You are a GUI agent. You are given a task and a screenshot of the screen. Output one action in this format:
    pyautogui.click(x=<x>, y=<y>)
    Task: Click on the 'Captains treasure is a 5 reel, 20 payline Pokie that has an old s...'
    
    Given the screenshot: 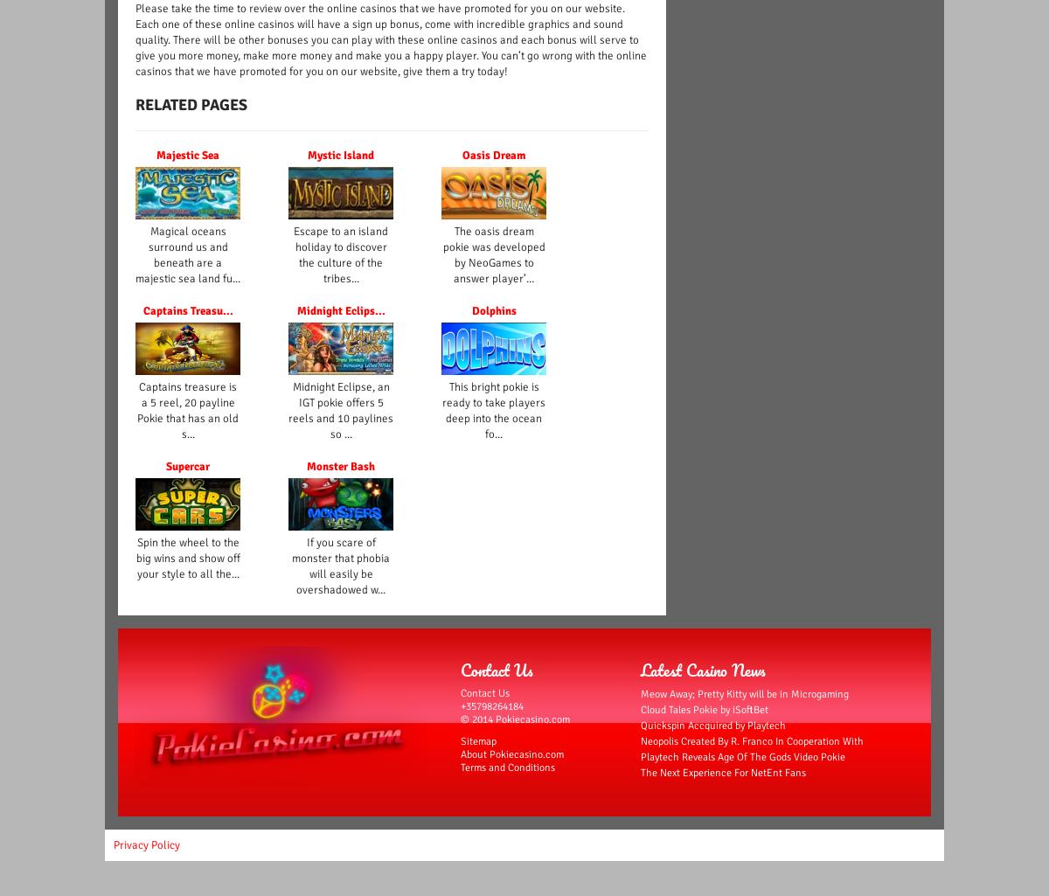 What is the action you would take?
    pyautogui.click(x=187, y=410)
    